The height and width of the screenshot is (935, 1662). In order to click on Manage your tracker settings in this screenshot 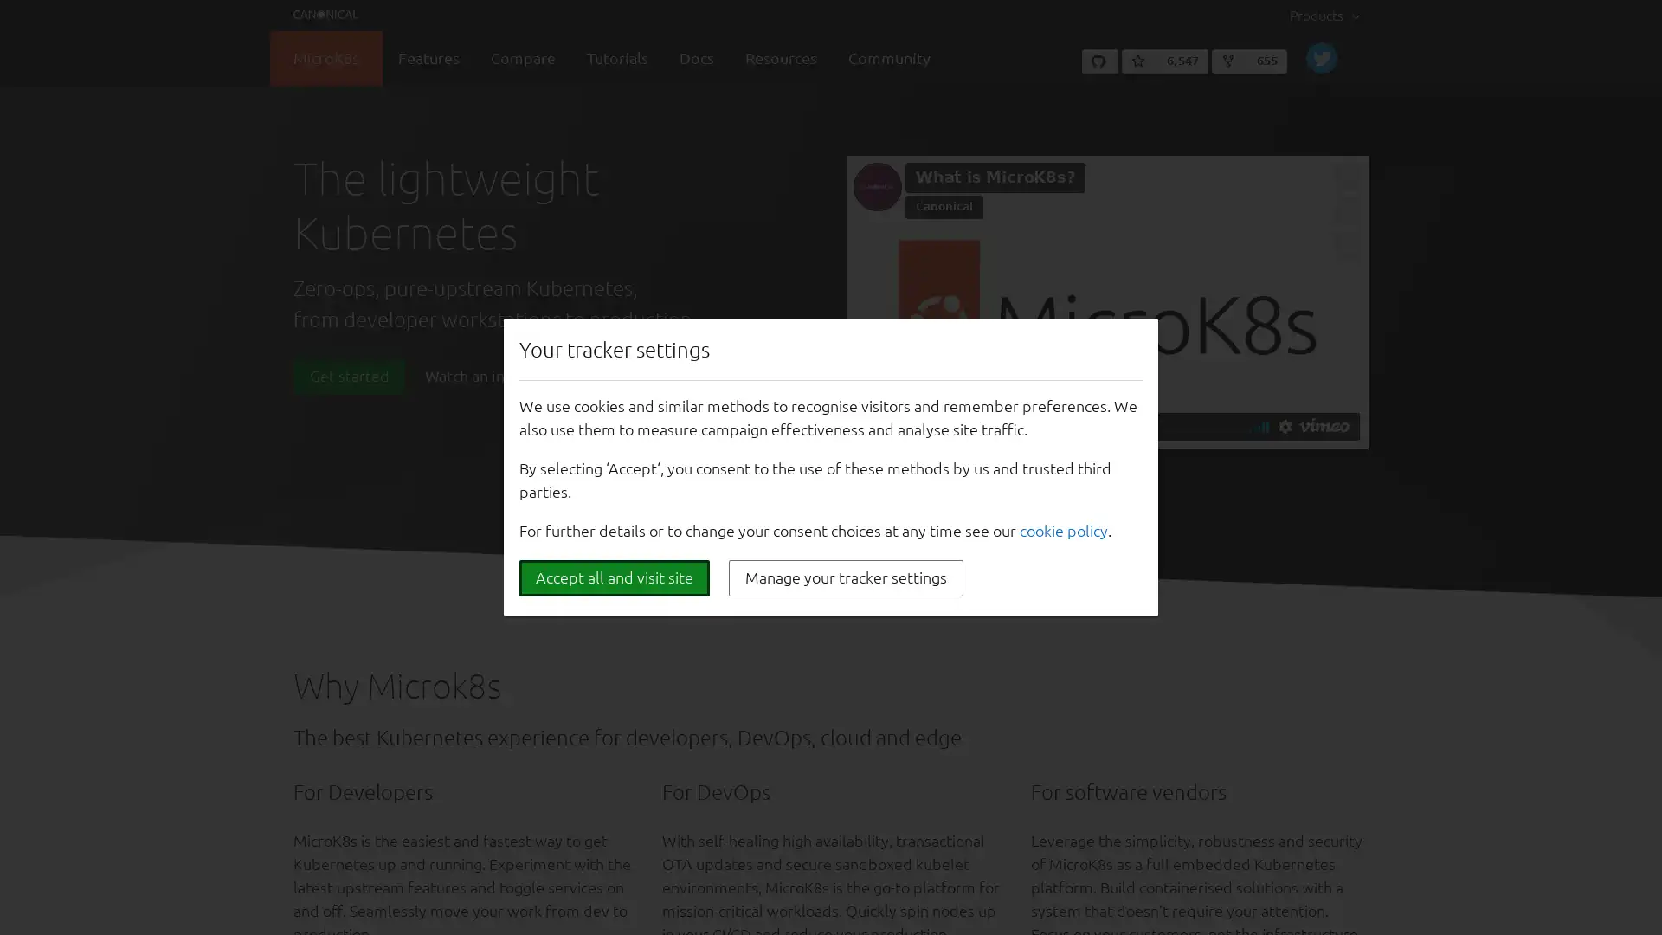, I will do `click(846, 577)`.